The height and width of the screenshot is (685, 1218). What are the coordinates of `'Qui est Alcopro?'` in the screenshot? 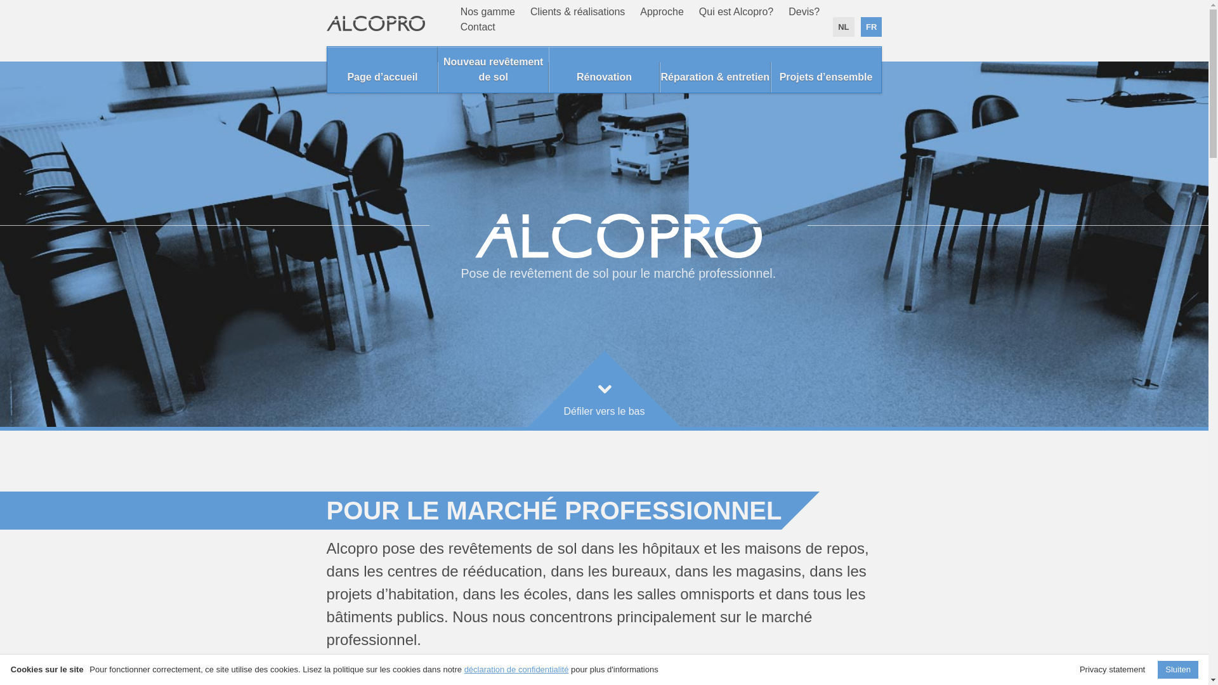 It's located at (736, 11).